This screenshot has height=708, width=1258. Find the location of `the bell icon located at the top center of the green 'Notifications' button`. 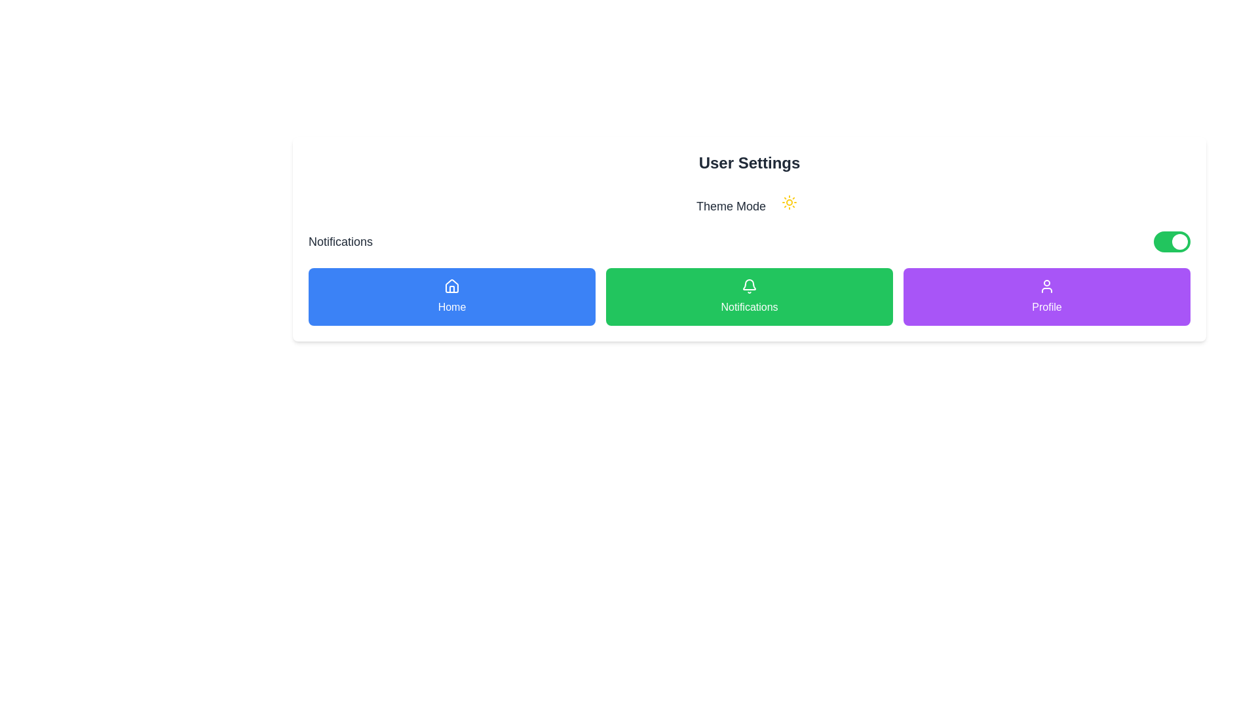

the bell icon located at the top center of the green 'Notifications' button is located at coordinates (749, 285).